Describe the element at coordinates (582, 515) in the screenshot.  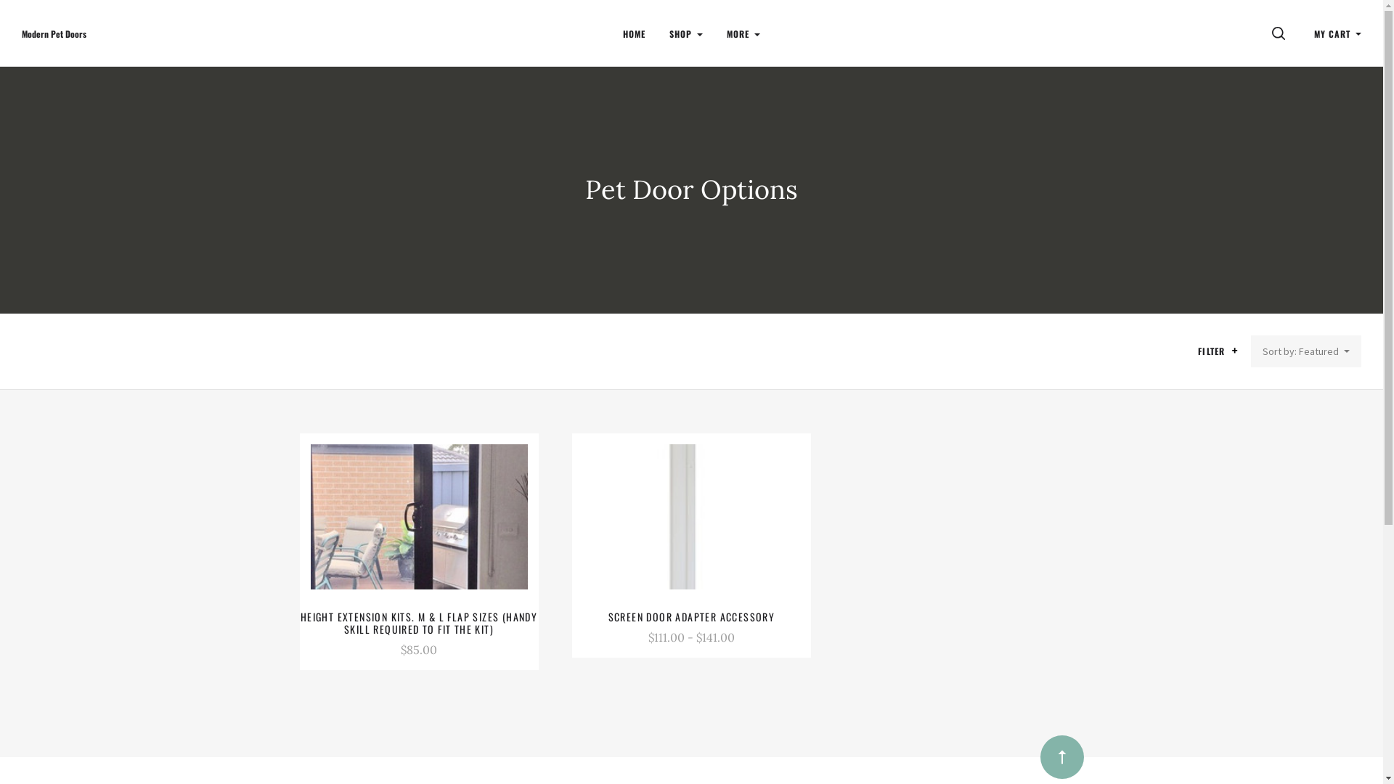
I see `'Screen Door Adapter Accessory'` at that location.